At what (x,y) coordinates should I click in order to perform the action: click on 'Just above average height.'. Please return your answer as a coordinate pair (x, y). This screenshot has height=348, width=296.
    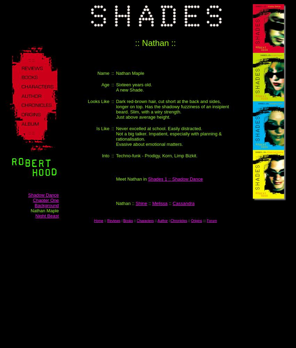
    Looking at the image, I should click on (116, 117).